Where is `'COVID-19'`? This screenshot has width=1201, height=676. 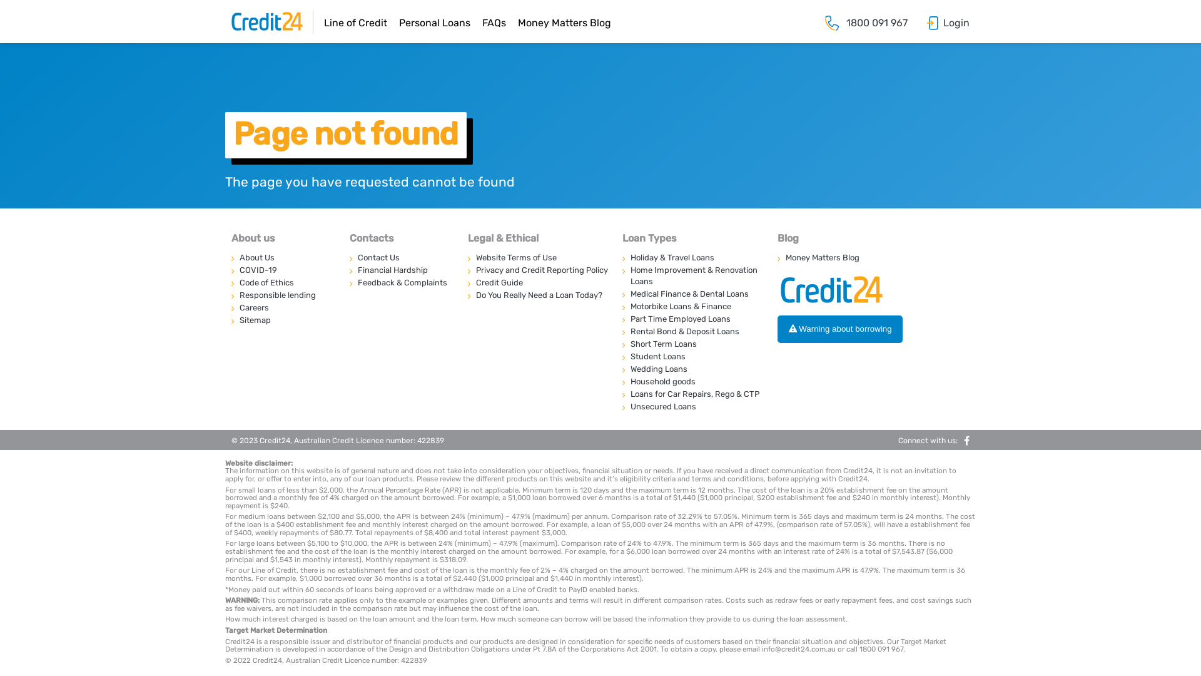 'COVID-19' is located at coordinates (231, 270).